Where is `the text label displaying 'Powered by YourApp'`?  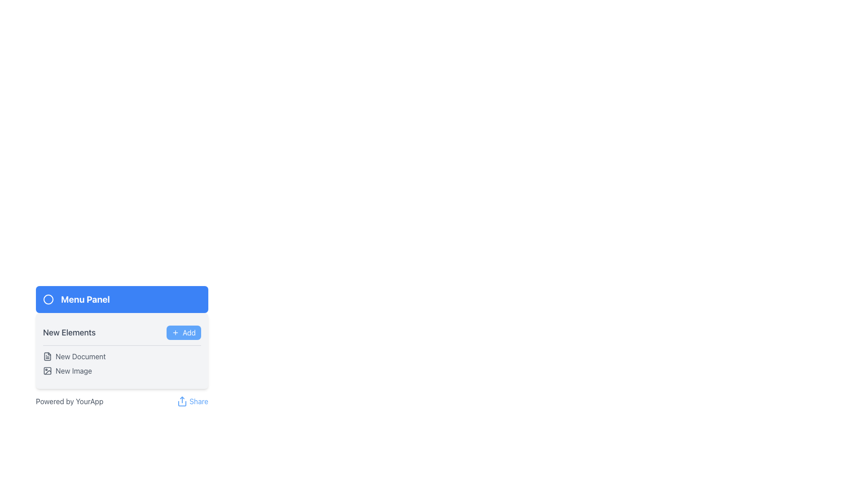 the text label displaying 'Powered by YourApp' is located at coordinates (69, 401).